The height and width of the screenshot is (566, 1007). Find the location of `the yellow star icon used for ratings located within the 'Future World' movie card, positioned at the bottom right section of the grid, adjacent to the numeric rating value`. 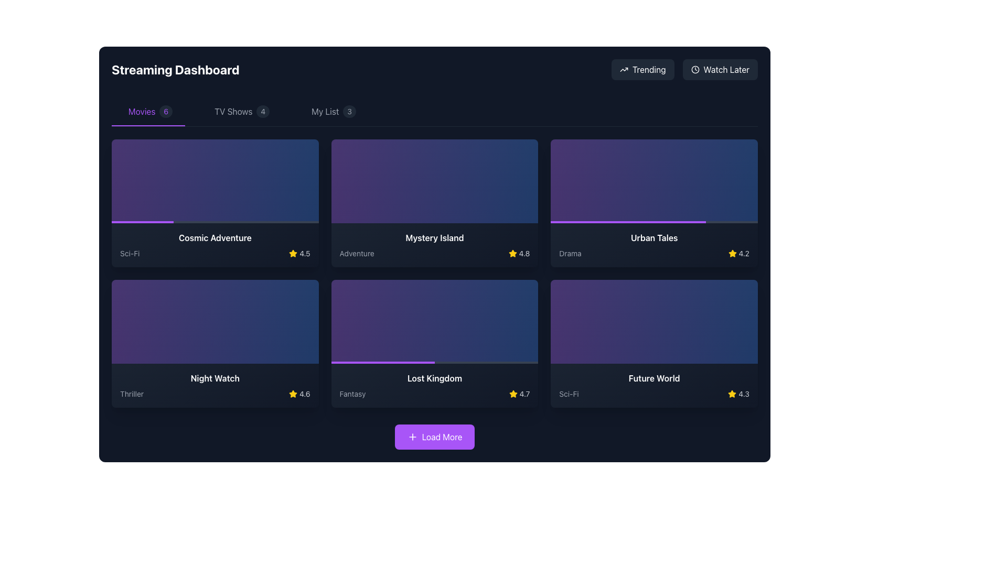

the yellow star icon used for ratings located within the 'Future World' movie card, positioned at the bottom right section of the grid, adjacent to the numeric rating value is located at coordinates (732, 394).